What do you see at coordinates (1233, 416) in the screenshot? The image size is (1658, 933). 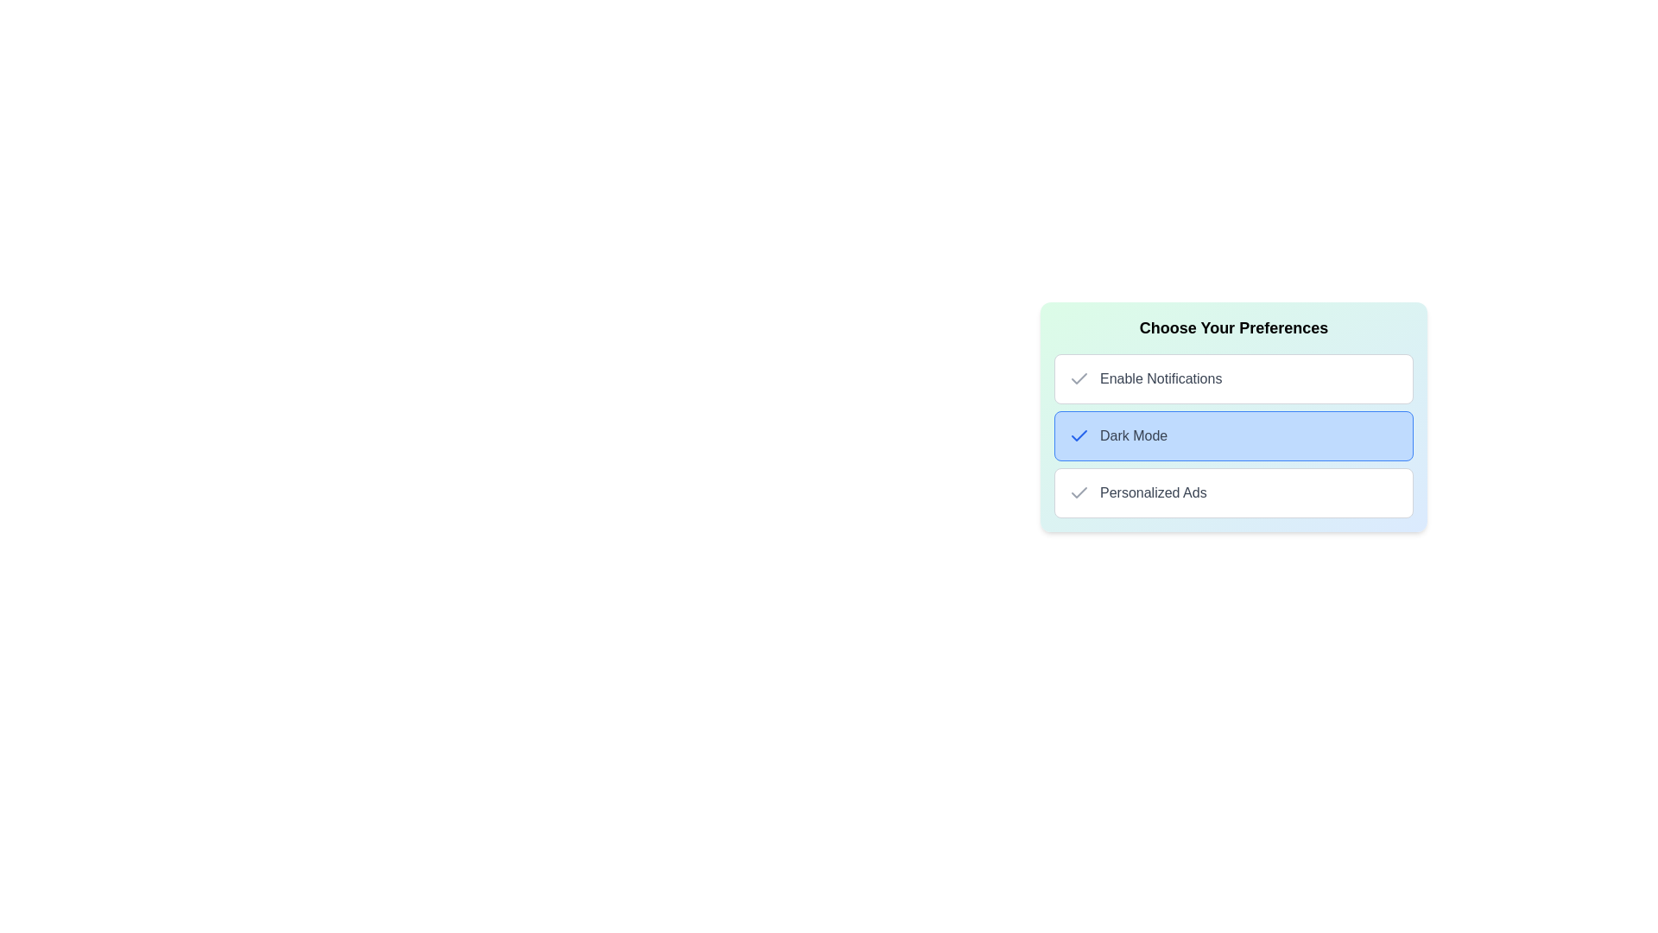 I see `the 'Dark Mode' button-like selectable option, which is the second option in the list under 'Choose Your Preferences'` at bounding box center [1233, 416].